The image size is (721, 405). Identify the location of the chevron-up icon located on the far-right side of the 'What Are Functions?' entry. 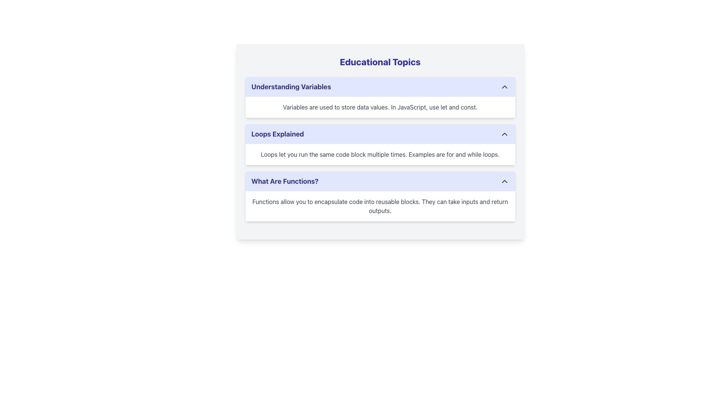
(504, 181).